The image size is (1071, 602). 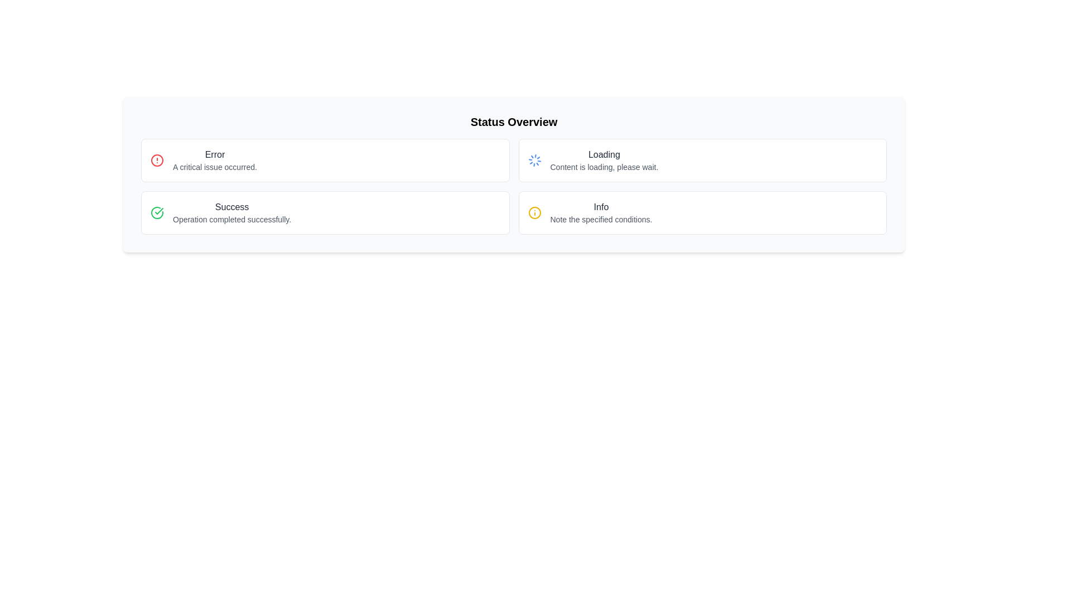 I want to click on the animated loading icon located at the top-right of the status card, which indicates that content is loading and prompts the user to wait, so click(x=534, y=161).